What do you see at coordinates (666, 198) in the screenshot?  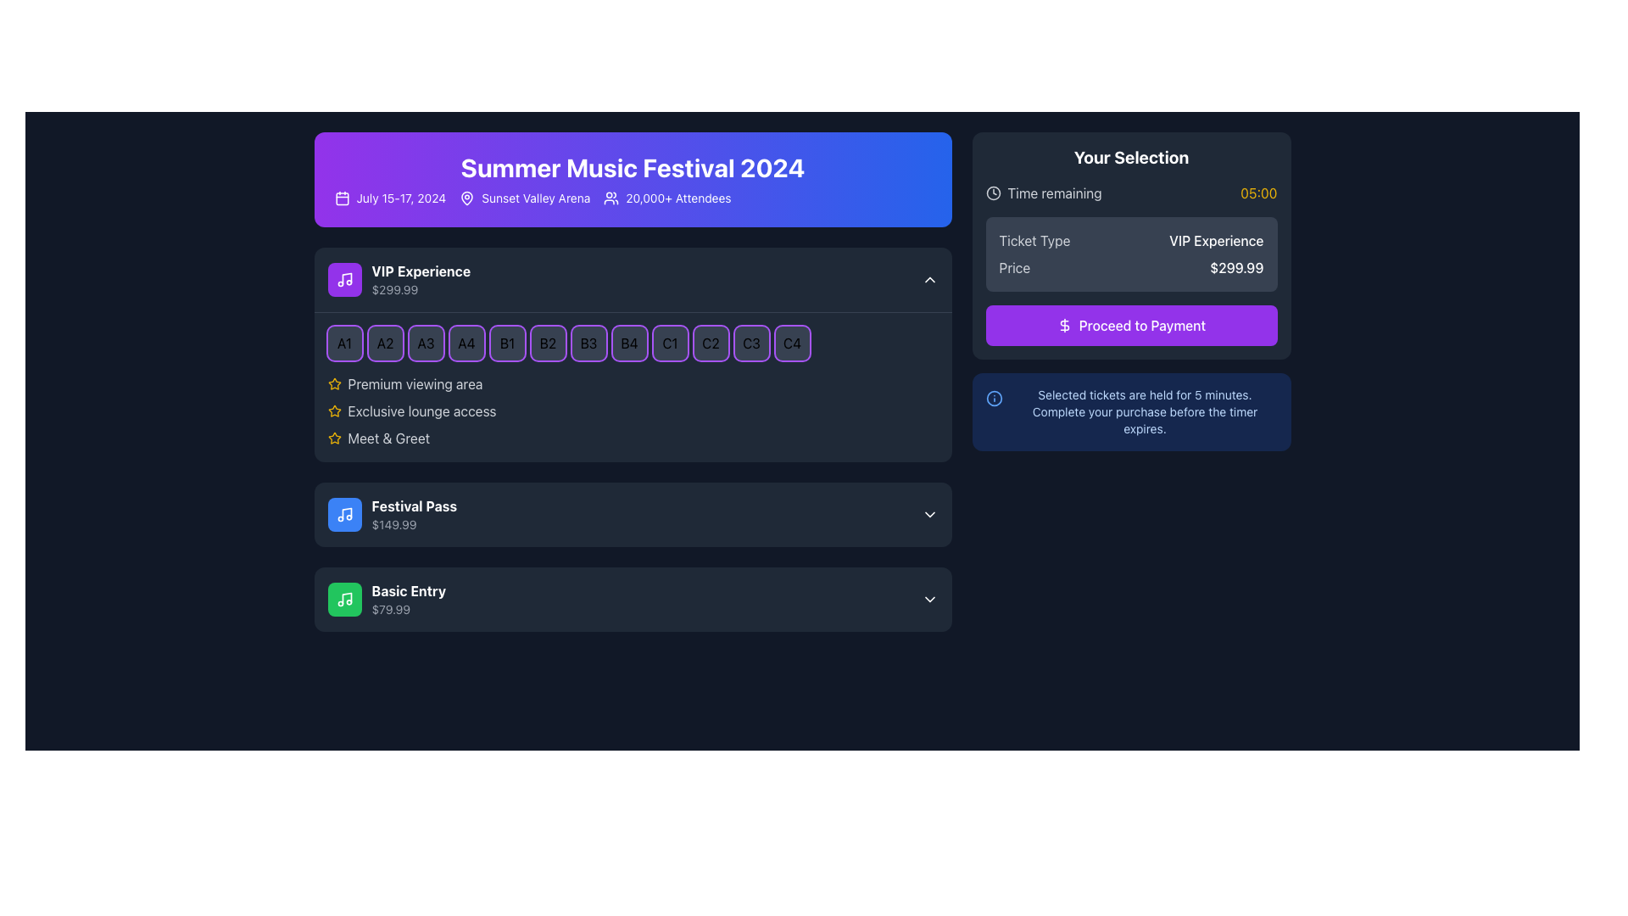 I see `the text label displaying '20,000+ Attendees' with a purple background and white typography, located next to a user icon at the top center of the viewport` at bounding box center [666, 198].